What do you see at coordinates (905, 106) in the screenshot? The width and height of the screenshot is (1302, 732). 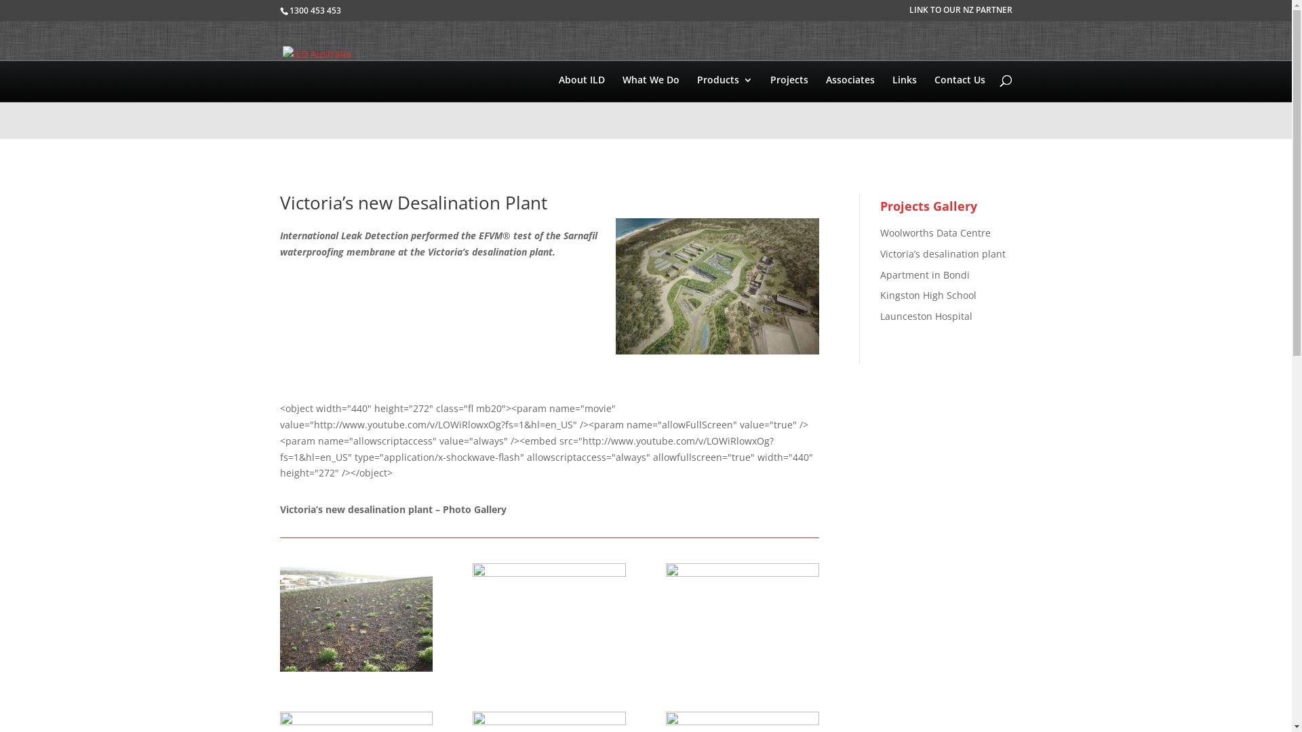 I see `'Links'` at bounding box center [905, 106].